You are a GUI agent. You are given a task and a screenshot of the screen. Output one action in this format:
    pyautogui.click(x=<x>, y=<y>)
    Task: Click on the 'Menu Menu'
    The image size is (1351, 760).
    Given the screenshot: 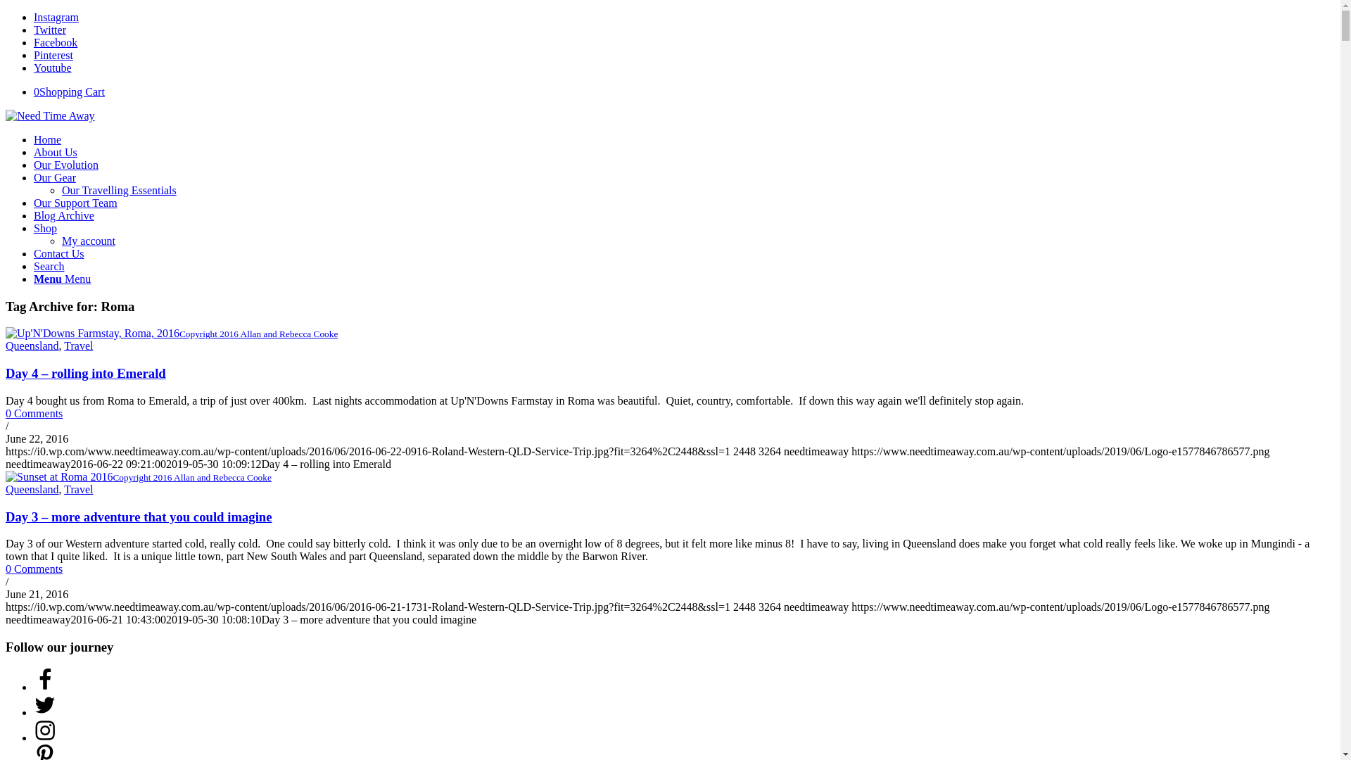 What is the action you would take?
    pyautogui.click(x=61, y=279)
    